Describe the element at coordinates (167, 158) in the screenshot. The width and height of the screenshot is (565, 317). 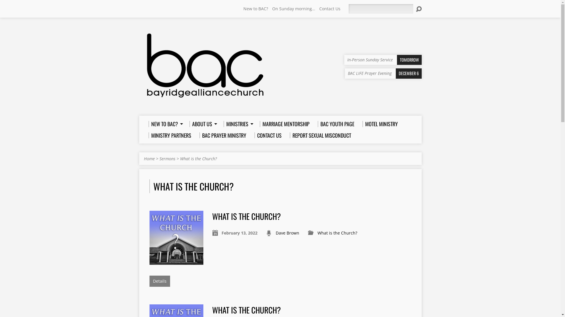
I see `'Sermons'` at that location.